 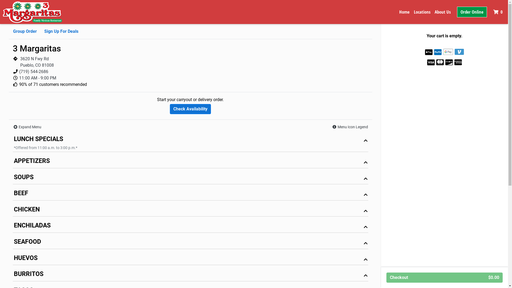 What do you see at coordinates (190, 109) in the screenshot?
I see `'Check Availability'` at bounding box center [190, 109].